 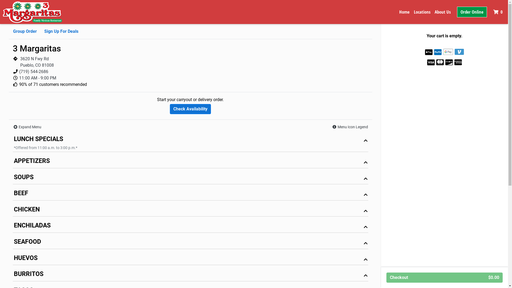 What do you see at coordinates (190, 109) in the screenshot?
I see `'Check Availability'` at bounding box center [190, 109].